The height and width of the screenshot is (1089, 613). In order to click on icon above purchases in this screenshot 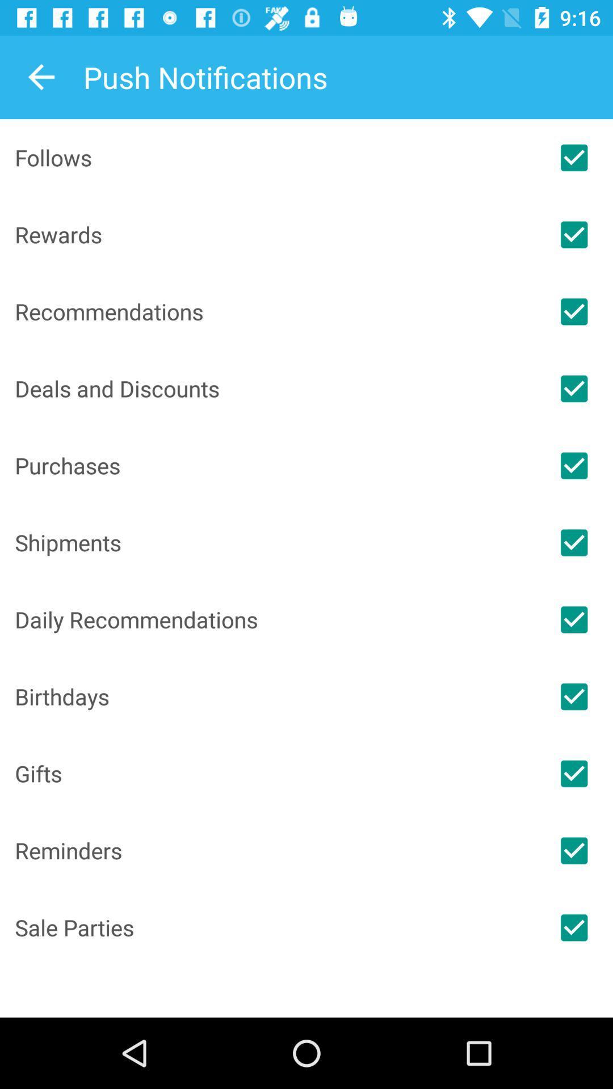, I will do `click(275, 389)`.